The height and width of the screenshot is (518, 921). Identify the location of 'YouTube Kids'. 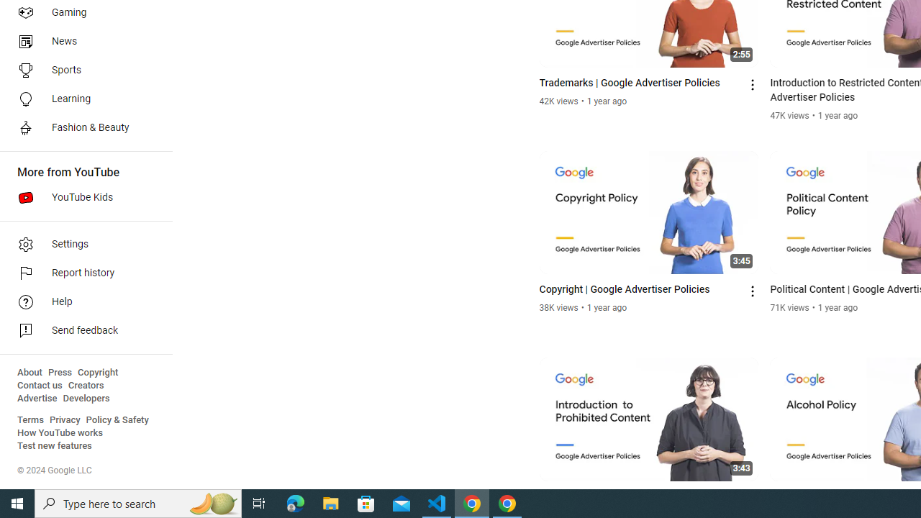
(81, 198).